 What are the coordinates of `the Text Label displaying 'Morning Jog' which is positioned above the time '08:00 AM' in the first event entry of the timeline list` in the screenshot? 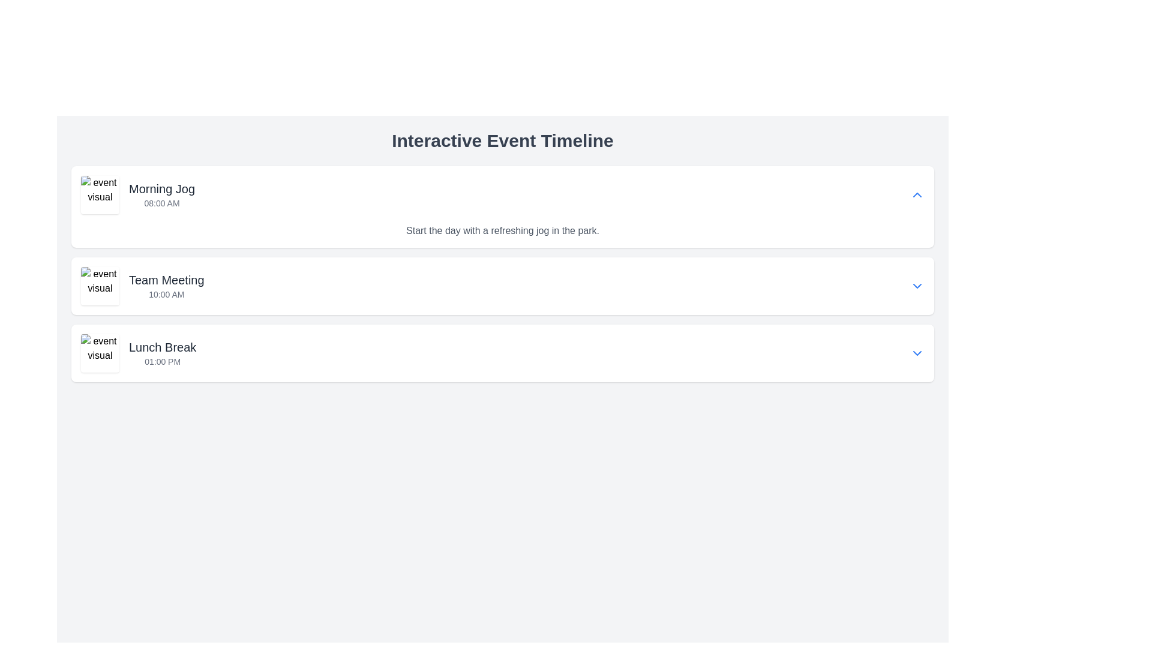 It's located at (161, 189).